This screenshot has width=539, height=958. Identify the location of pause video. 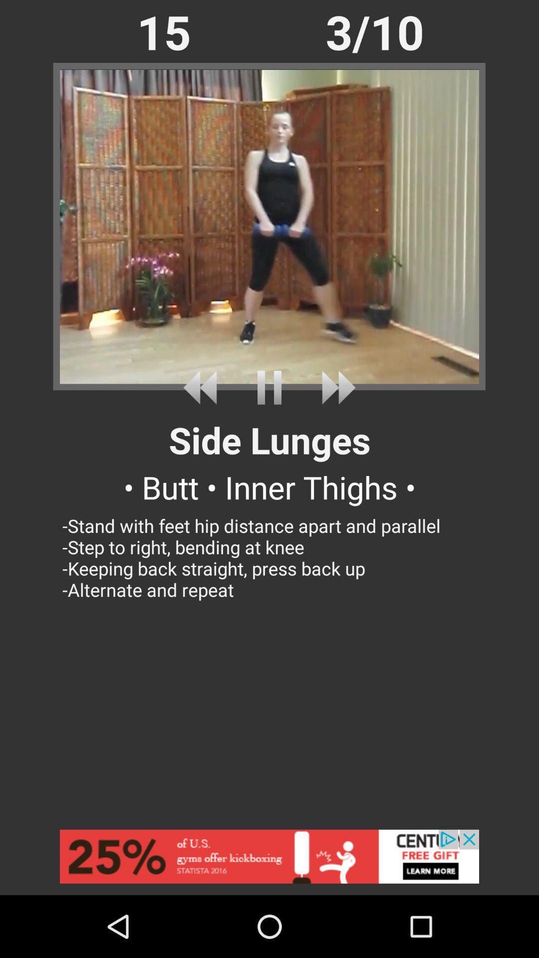
(269, 387).